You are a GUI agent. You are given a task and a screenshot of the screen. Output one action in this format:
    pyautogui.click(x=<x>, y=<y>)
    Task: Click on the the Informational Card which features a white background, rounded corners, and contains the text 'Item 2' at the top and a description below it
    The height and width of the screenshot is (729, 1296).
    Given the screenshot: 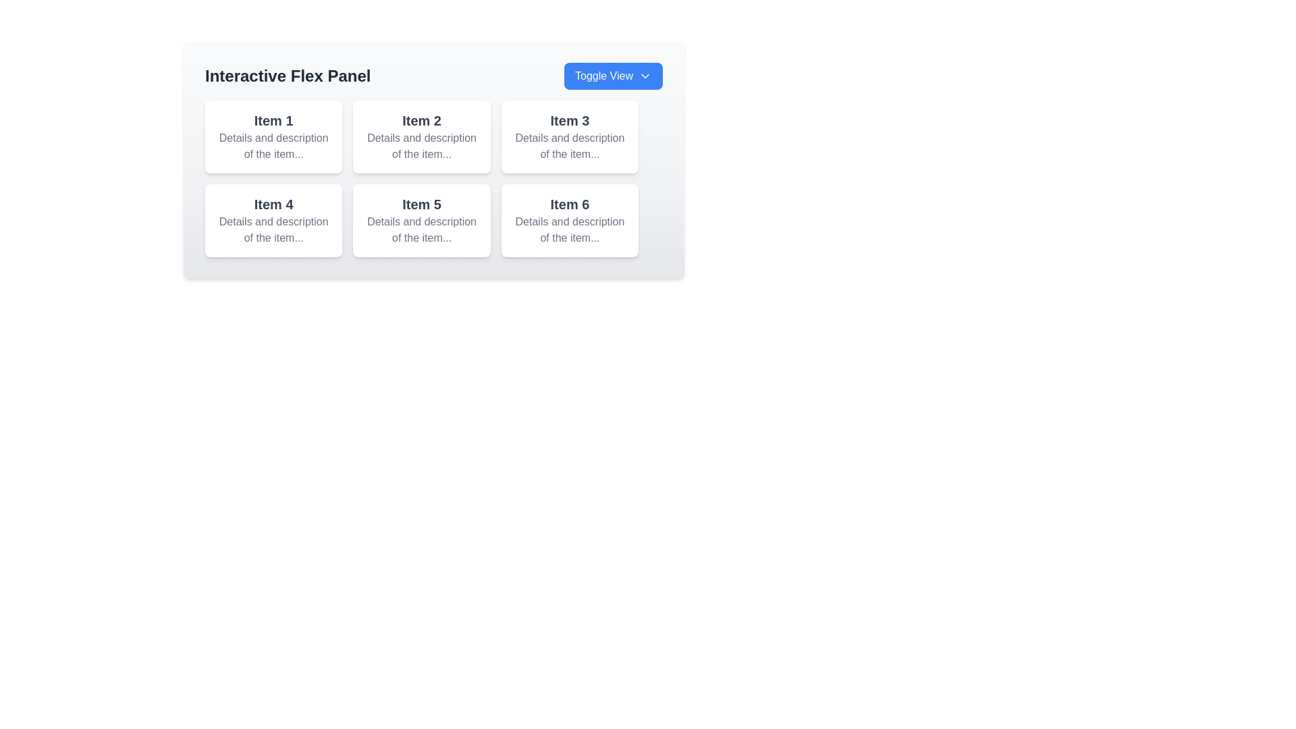 What is the action you would take?
    pyautogui.click(x=421, y=137)
    